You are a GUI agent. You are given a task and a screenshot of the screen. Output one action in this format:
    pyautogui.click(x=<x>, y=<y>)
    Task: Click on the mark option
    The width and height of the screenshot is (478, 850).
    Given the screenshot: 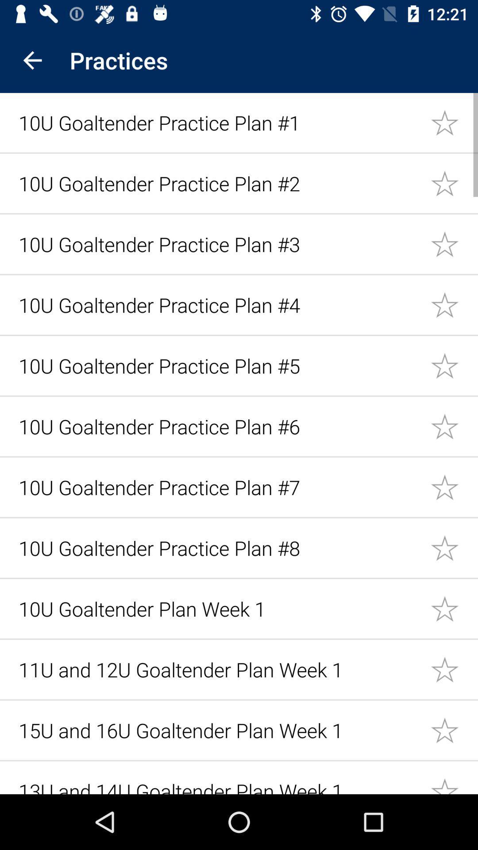 What is the action you would take?
    pyautogui.click(x=454, y=730)
    